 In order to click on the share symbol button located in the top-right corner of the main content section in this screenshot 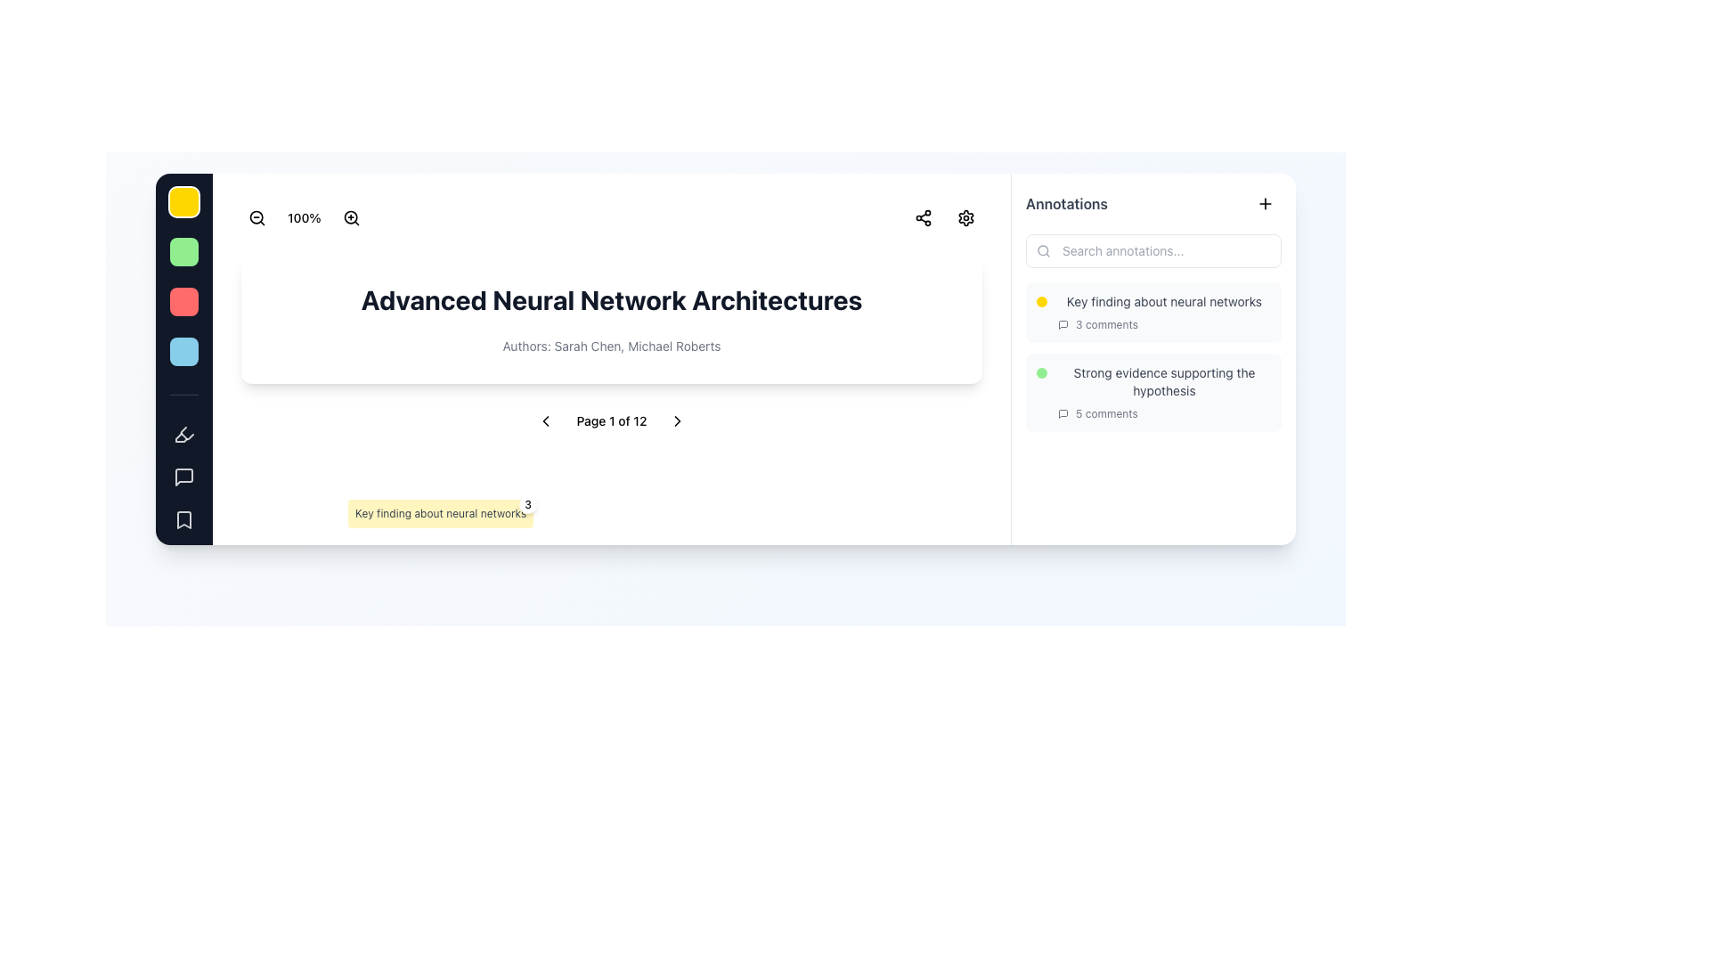, I will do `click(923, 217)`.